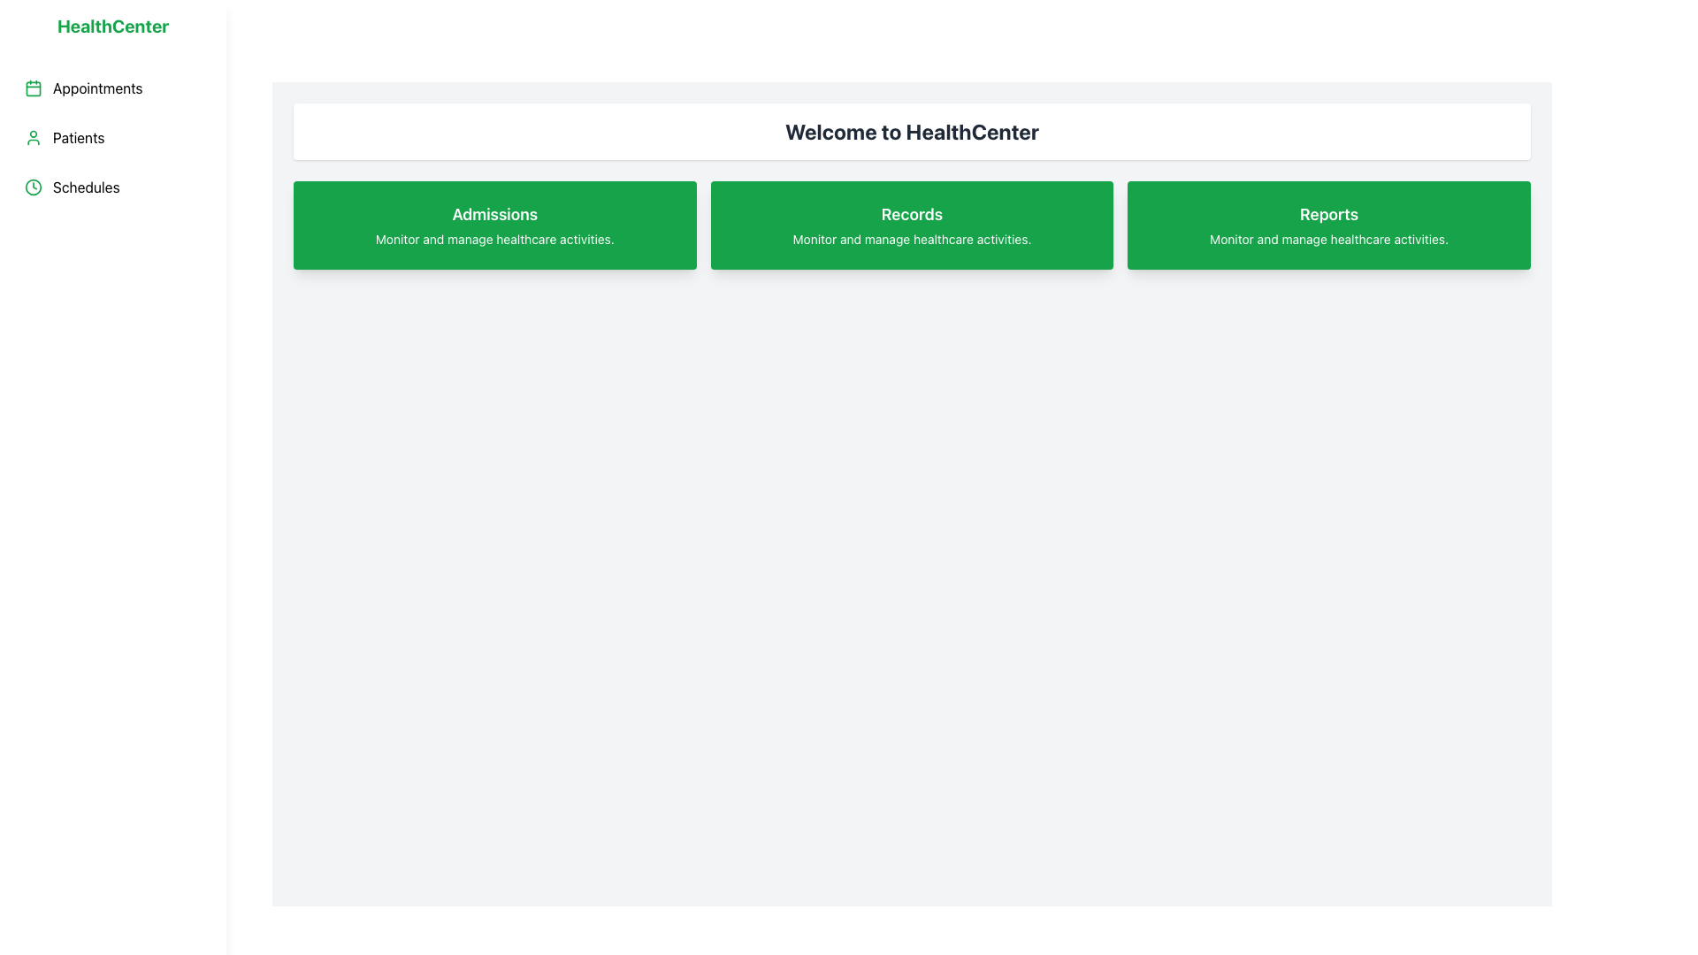  I want to click on static text header located at the top of the left sidebar, which identifies the application or web page, so click(112, 27).